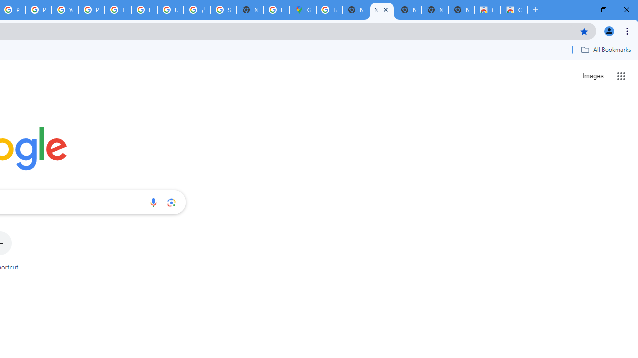 Image resolution: width=638 pixels, height=358 pixels. Describe the element at coordinates (64, 10) in the screenshot. I see `'YouTube'` at that location.